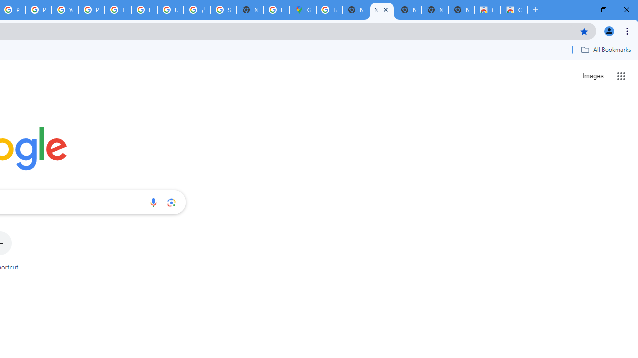 Image resolution: width=638 pixels, height=358 pixels. Describe the element at coordinates (64, 10) in the screenshot. I see `'YouTube'` at that location.